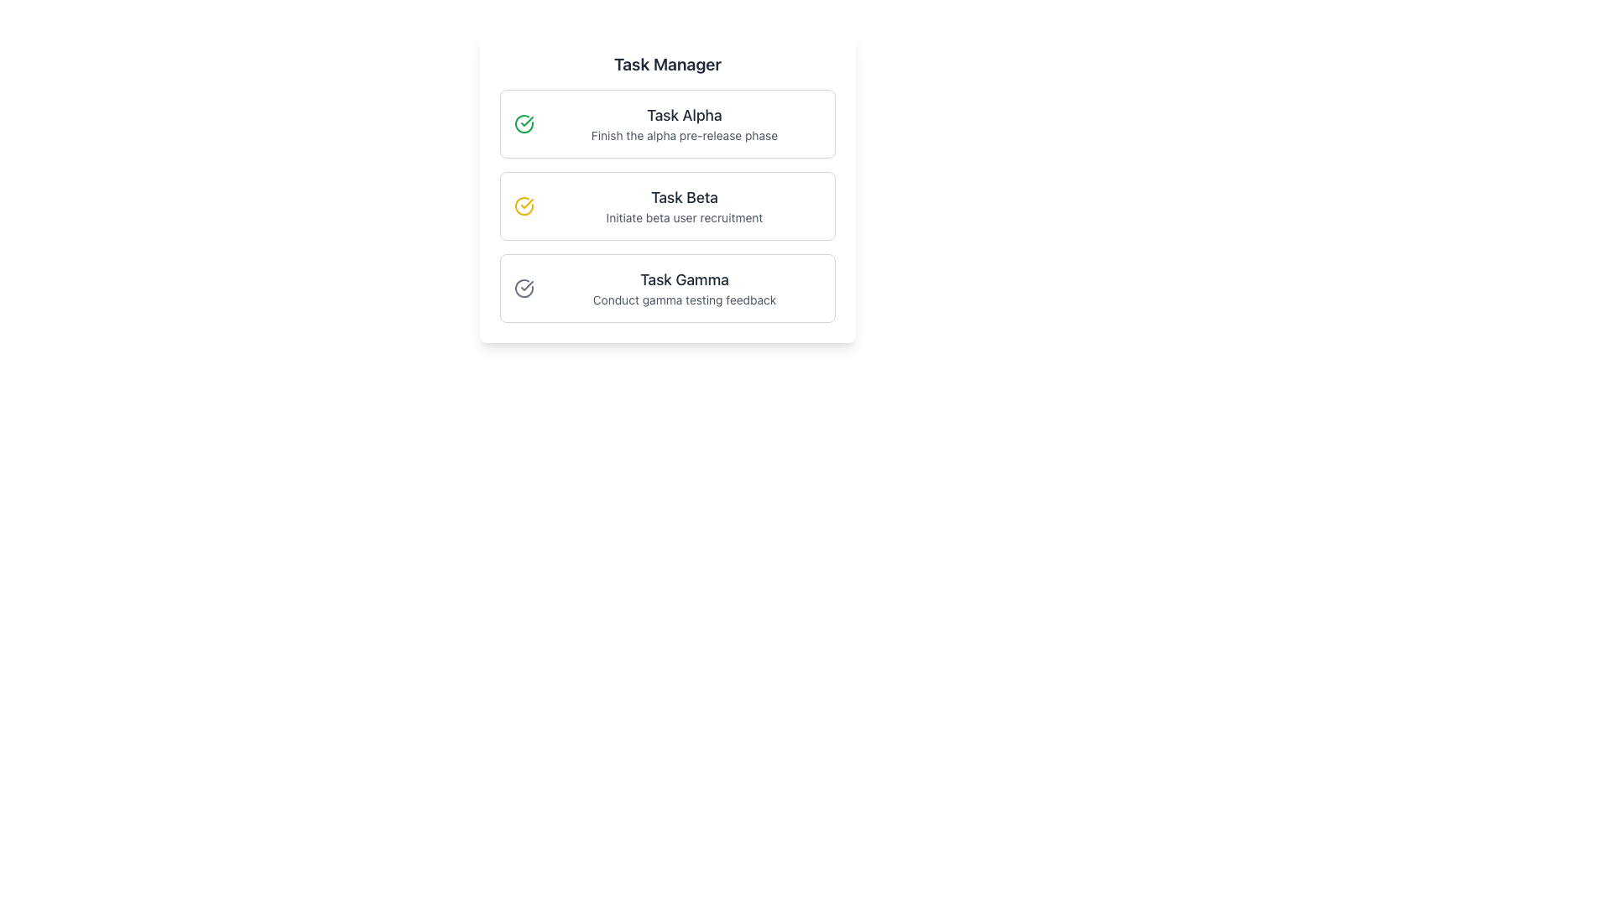  I want to click on the static text label providing additional descriptive information about 'Task Alpha', located directly beneath the 'Task Alpha' title in the first task row, so click(685, 135).